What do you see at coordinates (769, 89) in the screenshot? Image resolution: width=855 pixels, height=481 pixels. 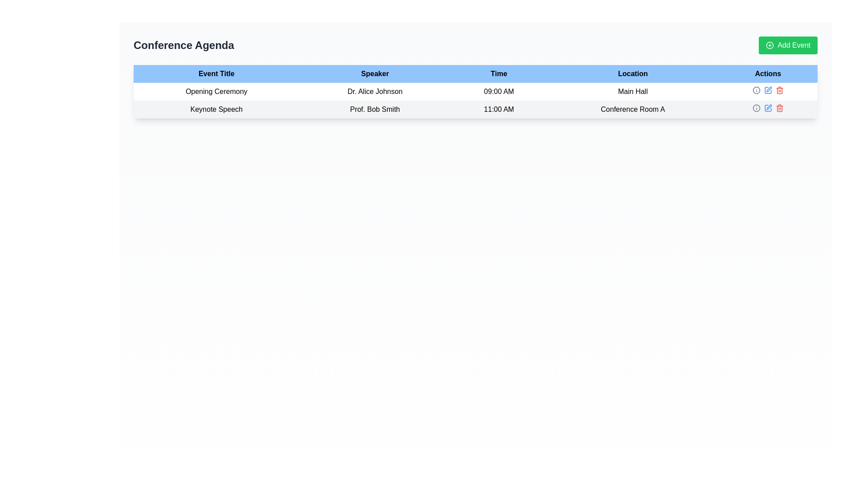 I see `the pen icon in the 'Actions' column of the 'Conference Agenda' table` at bounding box center [769, 89].